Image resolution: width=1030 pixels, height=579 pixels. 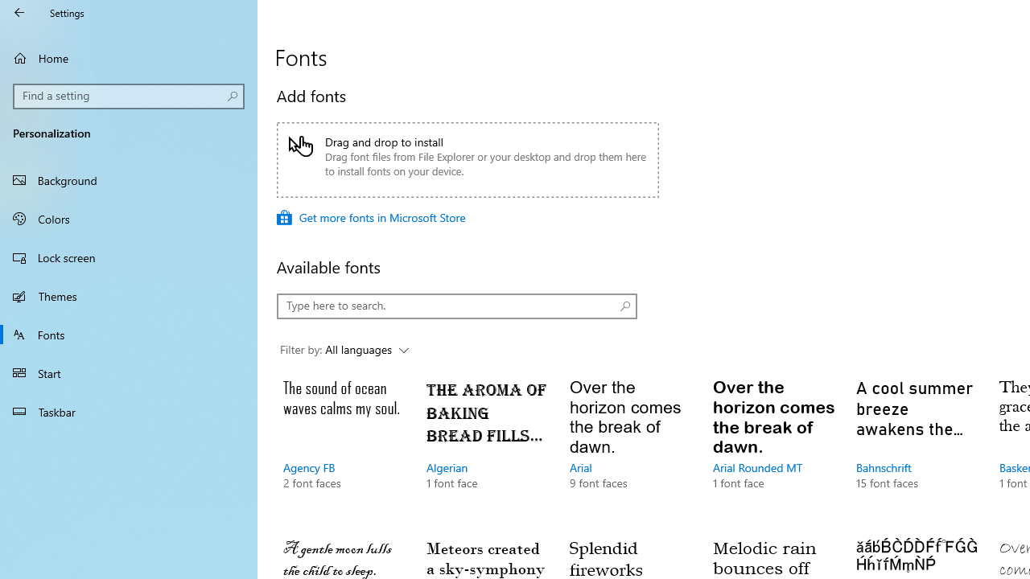 What do you see at coordinates (129, 410) in the screenshot?
I see `'Taskbar'` at bounding box center [129, 410].